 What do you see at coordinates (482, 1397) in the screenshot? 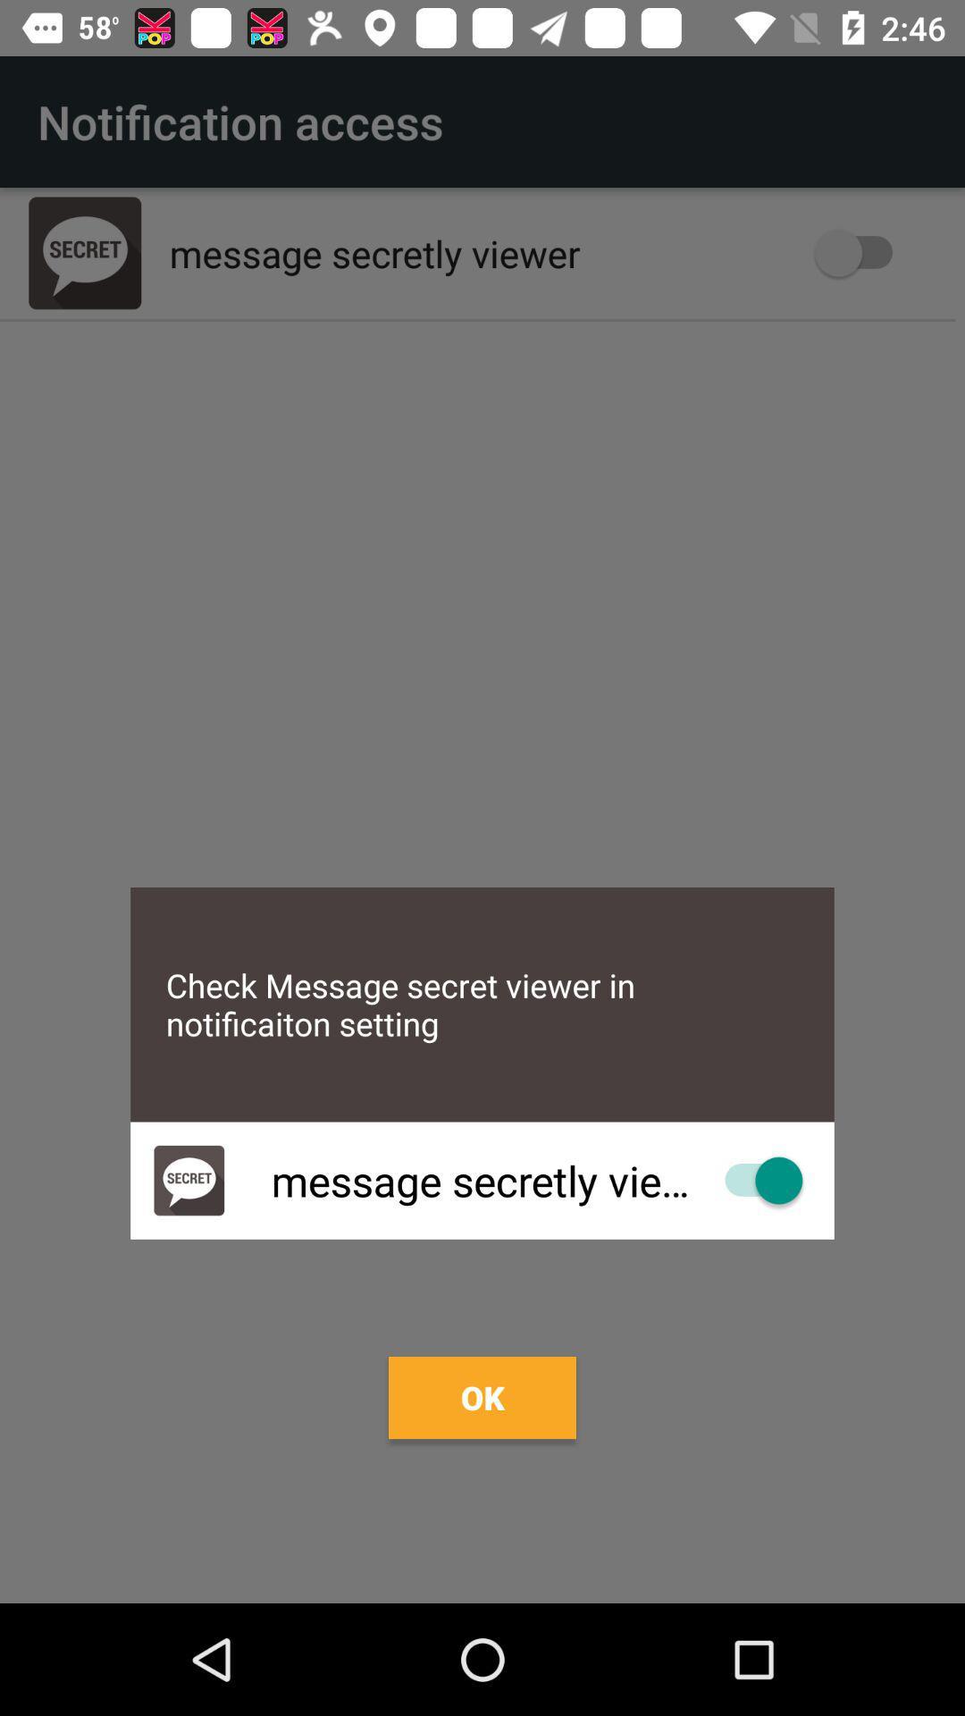
I see `the ok icon` at bounding box center [482, 1397].